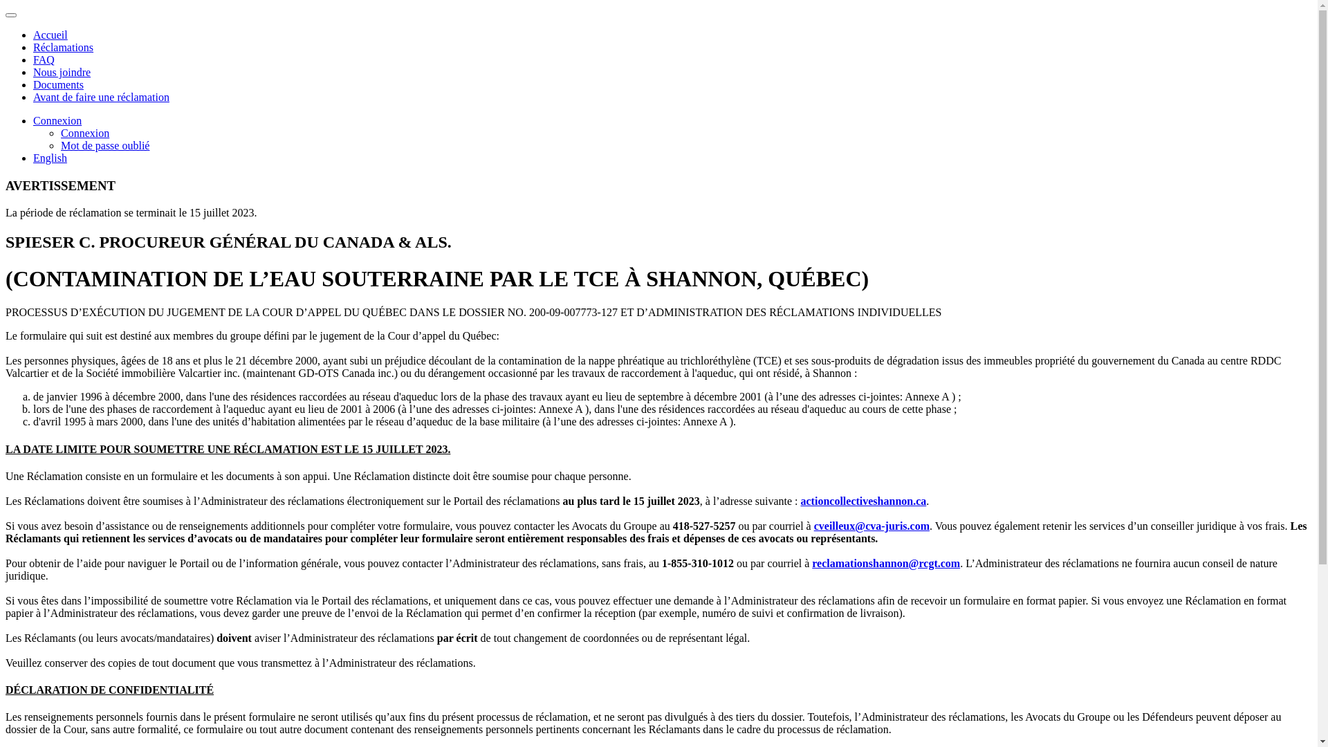 The height and width of the screenshot is (747, 1328). What do you see at coordinates (56, 120) in the screenshot?
I see `'Connexion'` at bounding box center [56, 120].